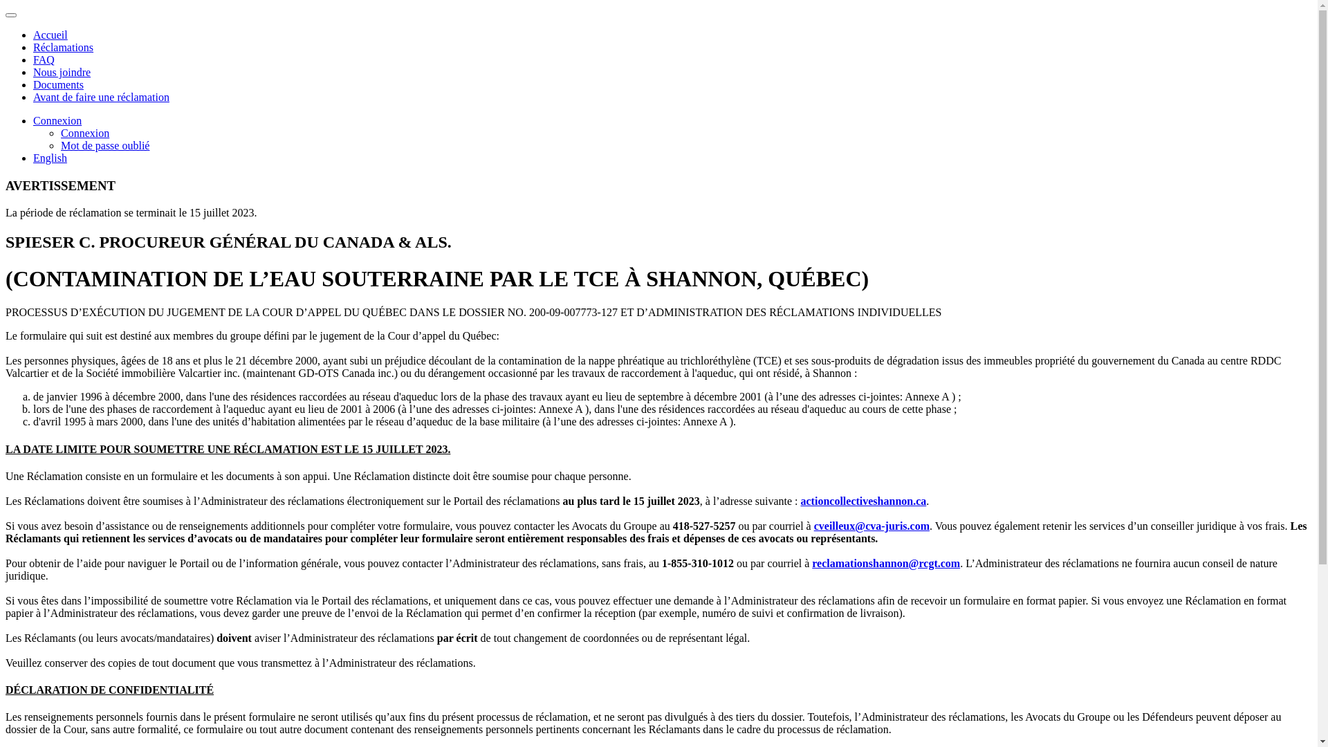 The height and width of the screenshot is (747, 1328). What do you see at coordinates (56, 120) in the screenshot?
I see `'Connexion'` at bounding box center [56, 120].